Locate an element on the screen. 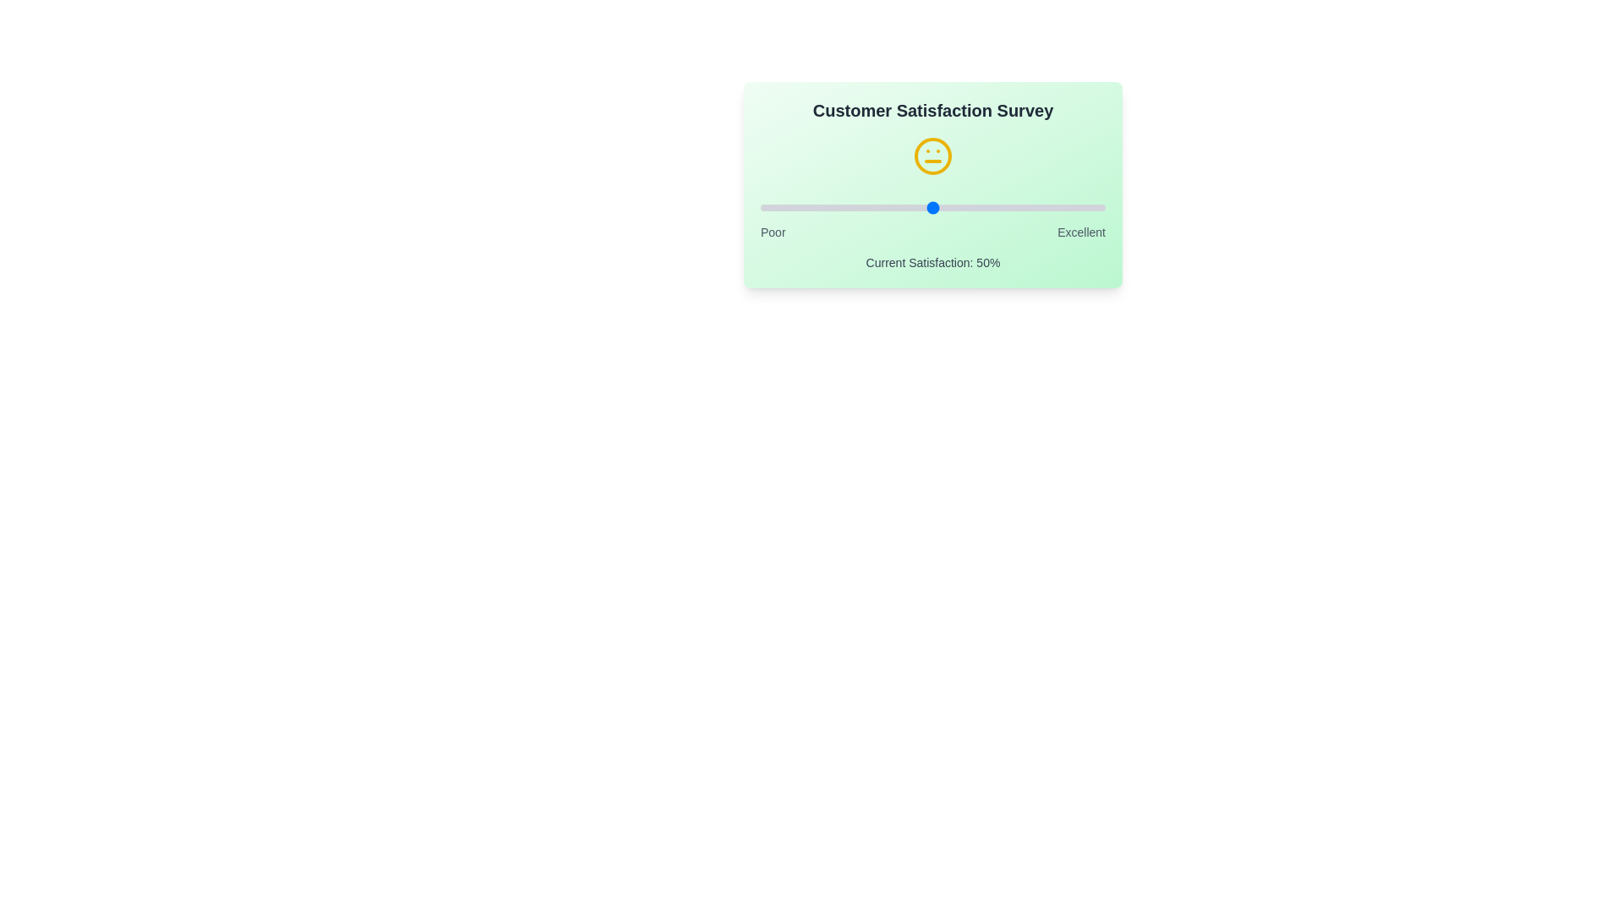 This screenshot has width=1623, height=913. the satisfaction slider to 12% is located at coordinates (801, 207).